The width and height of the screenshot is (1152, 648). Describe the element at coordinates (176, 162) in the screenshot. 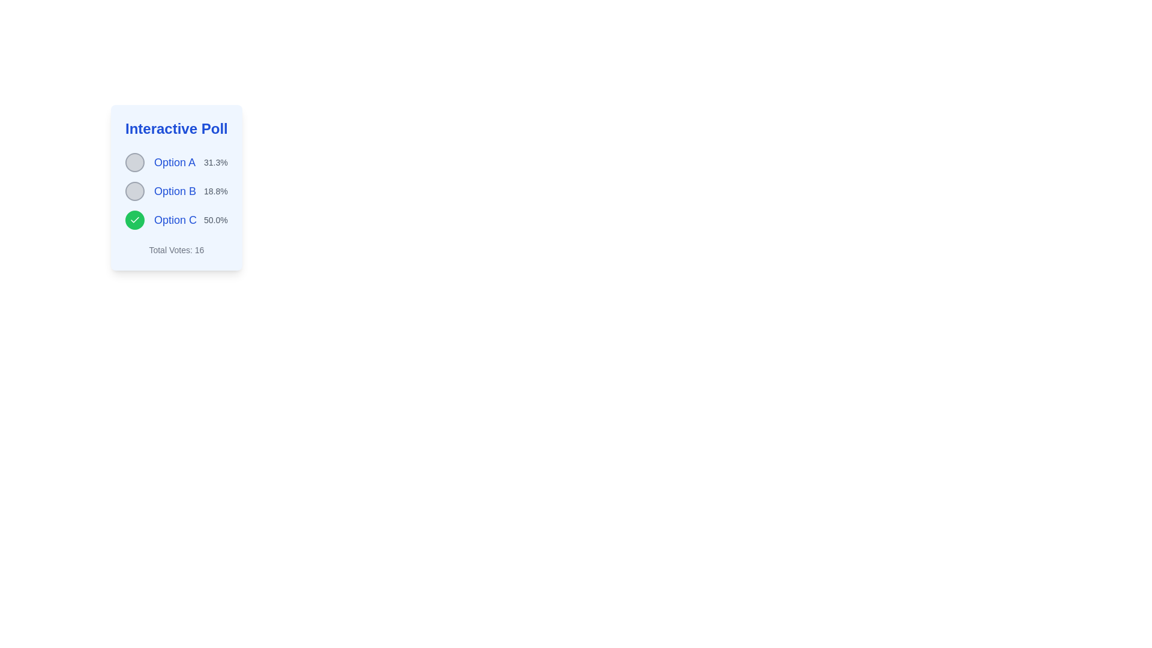

I see `the first poll option labeled 'Option A' which shows a vote share of '31.3%' in the interactive poll interface` at that location.